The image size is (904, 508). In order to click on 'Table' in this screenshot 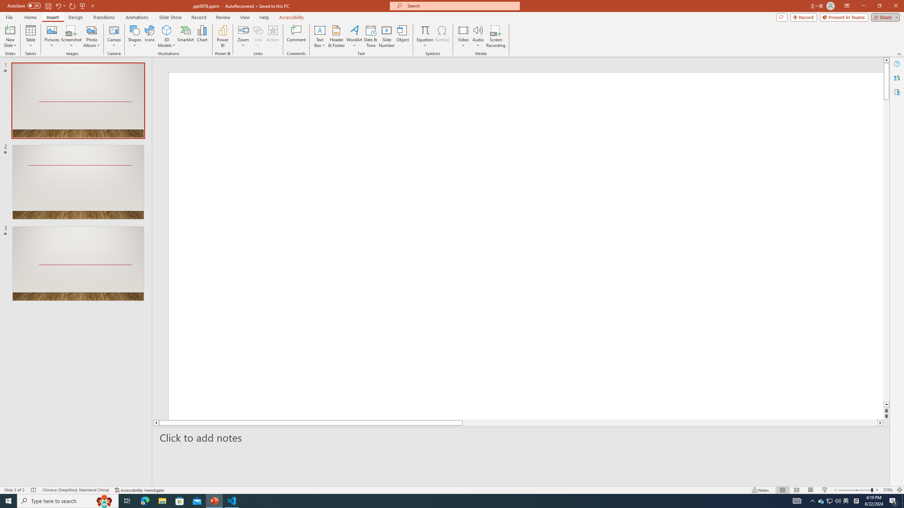, I will do `click(30, 36)`.